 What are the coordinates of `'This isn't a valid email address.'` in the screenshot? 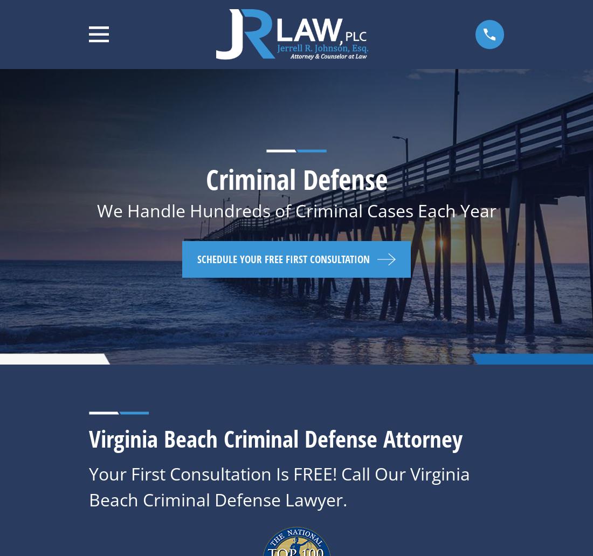 It's located at (439, 434).